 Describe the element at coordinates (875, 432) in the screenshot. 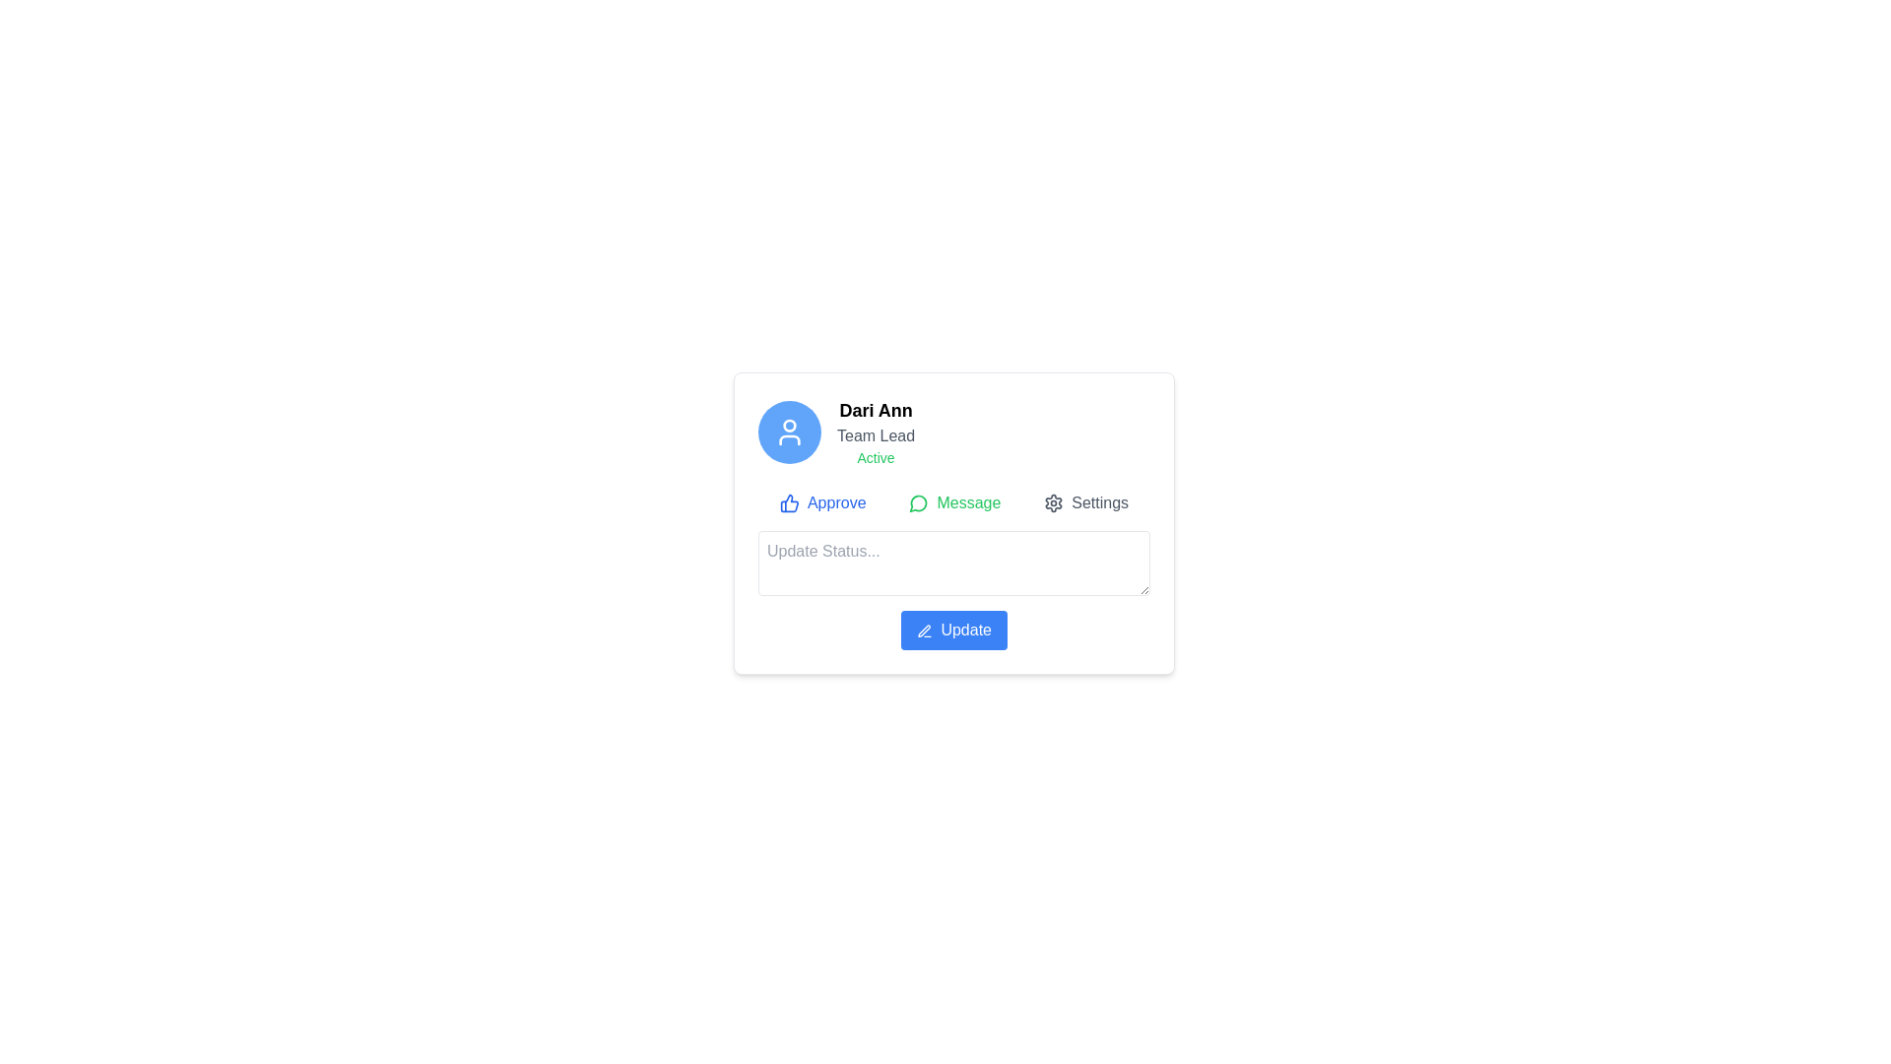

I see `text content of the Text display component that shows 'Dari Ann', 'Team Lead', and 'Active', which is located to the right of a circular blue avatar` at that location.